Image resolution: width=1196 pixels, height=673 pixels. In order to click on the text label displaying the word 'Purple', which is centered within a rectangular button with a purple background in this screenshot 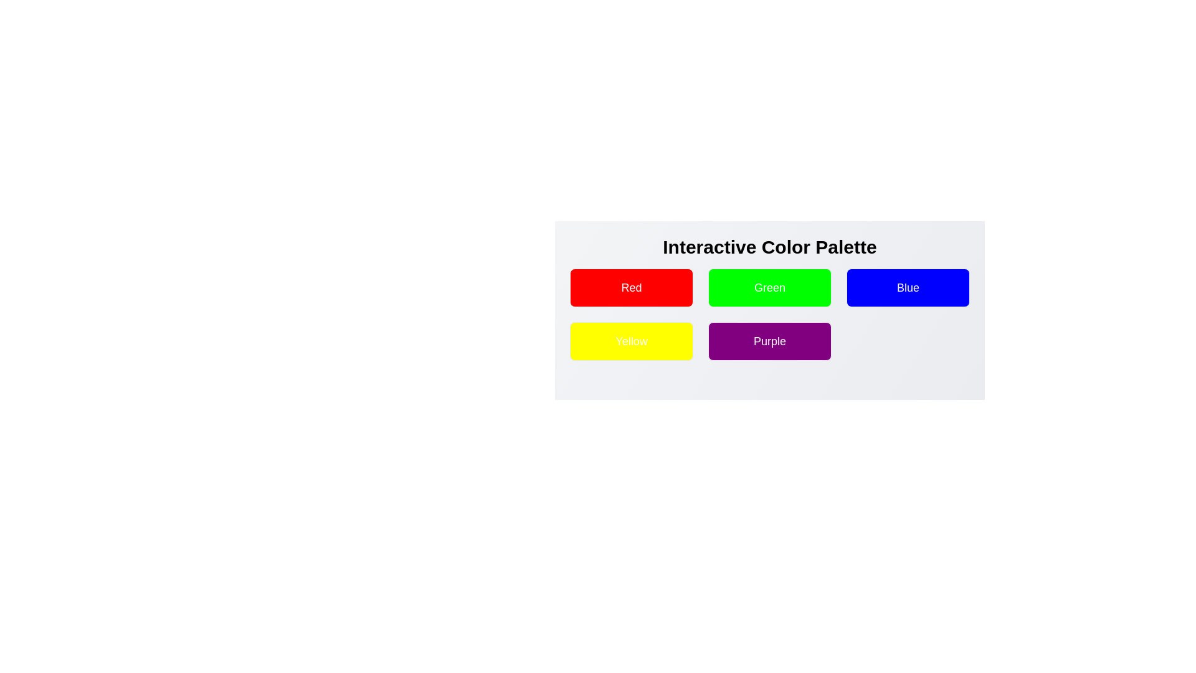, I will do `click(769, 341)`.